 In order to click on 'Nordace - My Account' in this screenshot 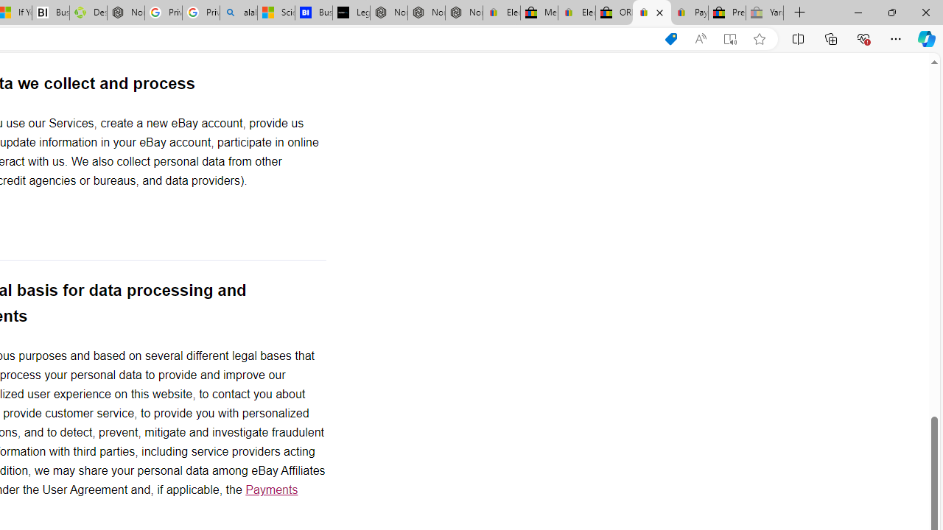, I will do `click(125, 13)`.